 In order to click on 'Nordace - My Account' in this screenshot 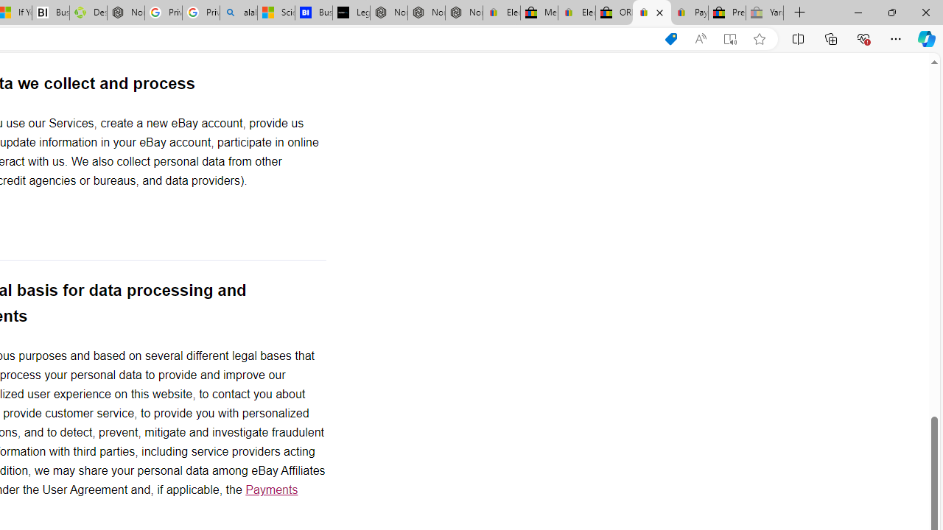, I will do `click(125, 13)`.